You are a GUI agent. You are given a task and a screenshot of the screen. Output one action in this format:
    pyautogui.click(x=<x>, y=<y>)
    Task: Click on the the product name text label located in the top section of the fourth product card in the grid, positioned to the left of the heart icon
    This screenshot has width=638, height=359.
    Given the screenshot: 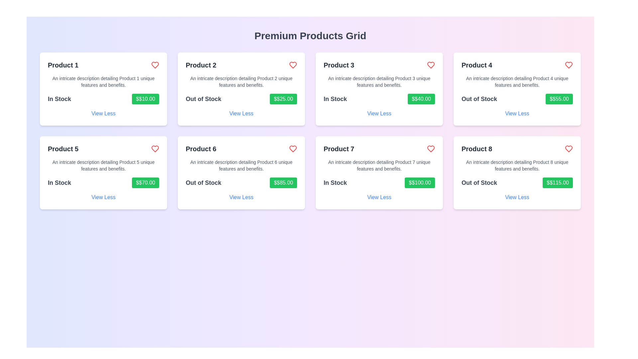 What is the action you would take?
    pyautogui.click(x=477, y=65)
    